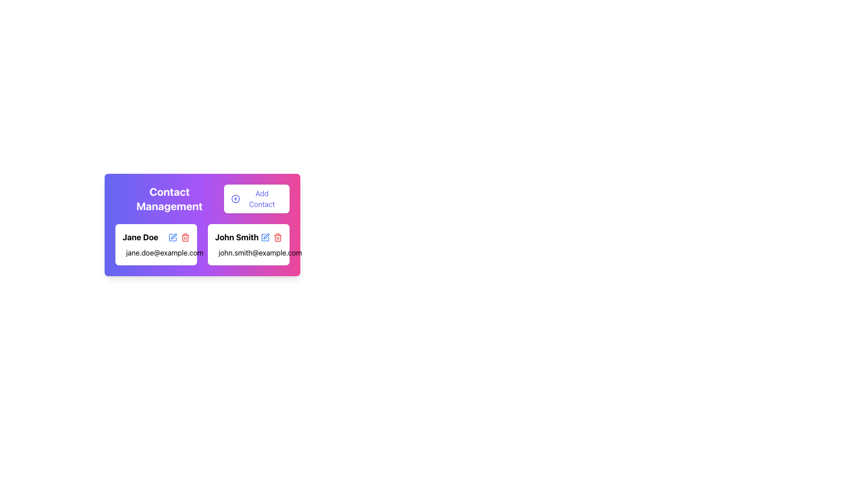 The width and height of the screenshot is (862, 485). I want to click on the central trash can body icon, so click(277, 237).